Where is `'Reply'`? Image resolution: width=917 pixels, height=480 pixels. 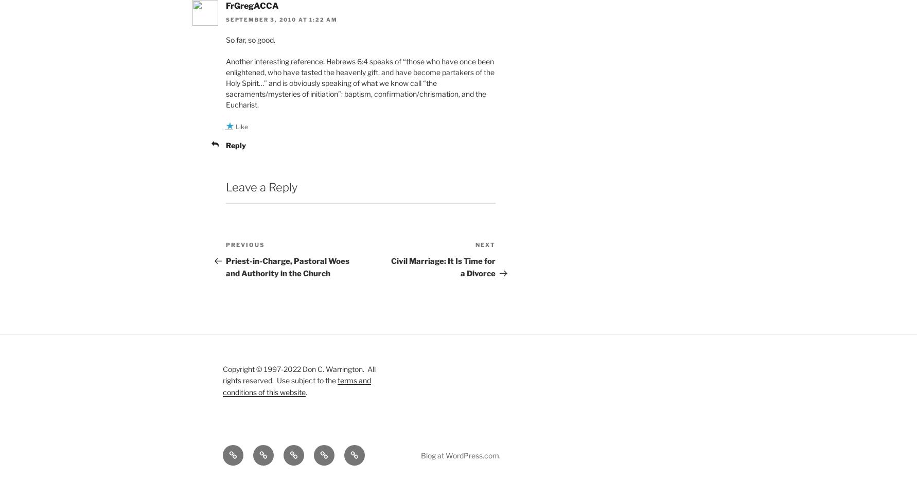
'Reply' is located at coordinates (235, 145).